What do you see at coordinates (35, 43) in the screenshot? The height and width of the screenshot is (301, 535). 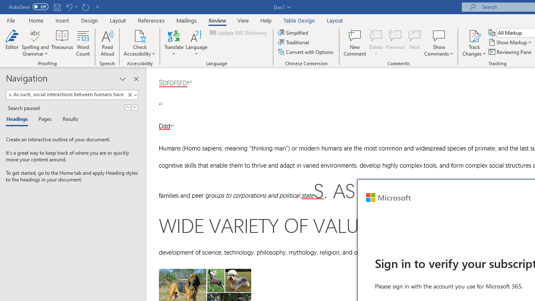 I see `'Spelling and Grammar'` at bounding box center [35, 43].